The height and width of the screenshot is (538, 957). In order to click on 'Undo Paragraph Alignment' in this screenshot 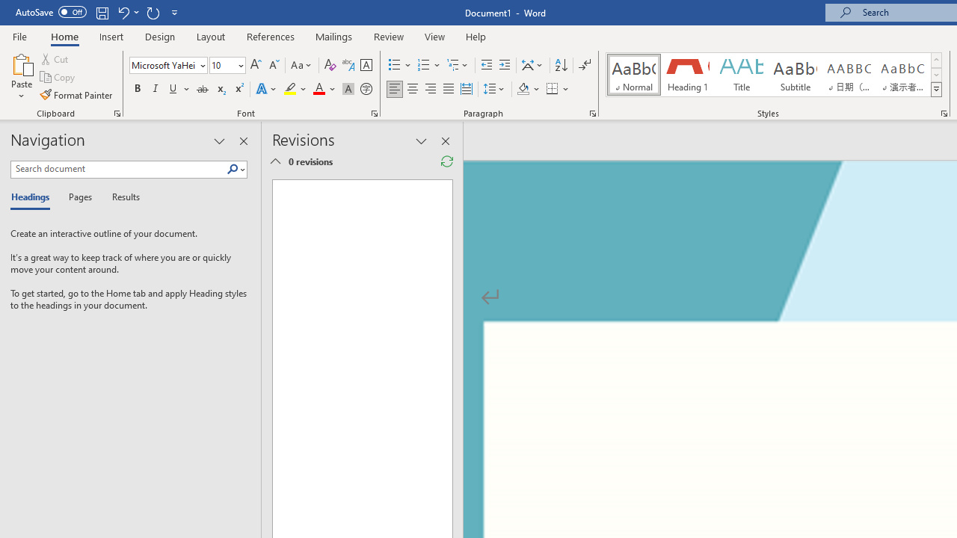, I will do `click(123, 12)`.